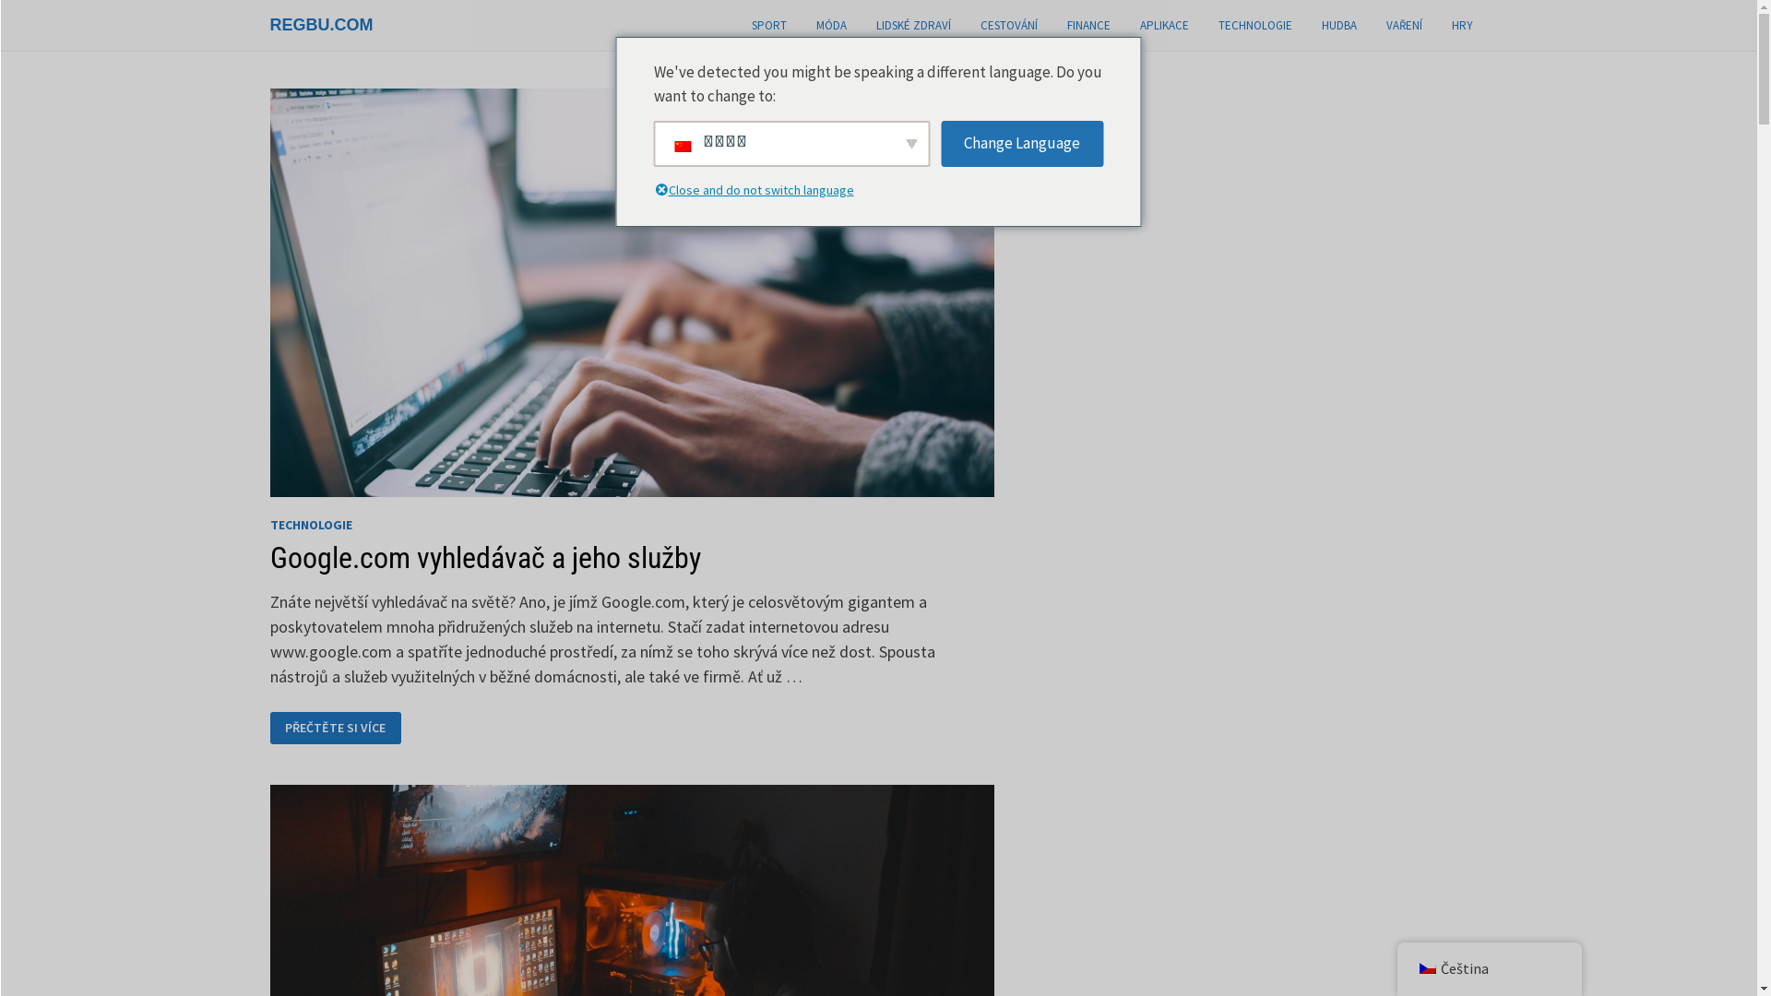  Describe the element at coordinates (768, 25) in the screenshot. I see `'SPORT'` at that location.